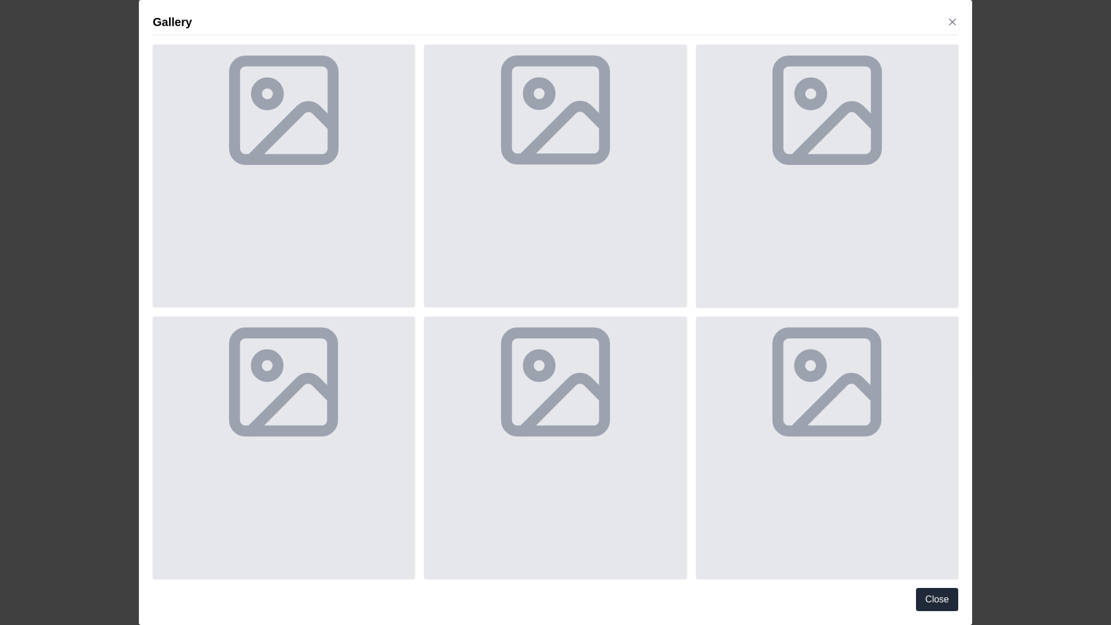 This screenshot has width=1111, height=625. Describe the element at coordinates (555, 175) in the screenshot. I see `the image placeholder located in the second column of the first row within a 3x2 grid layout` at that location.